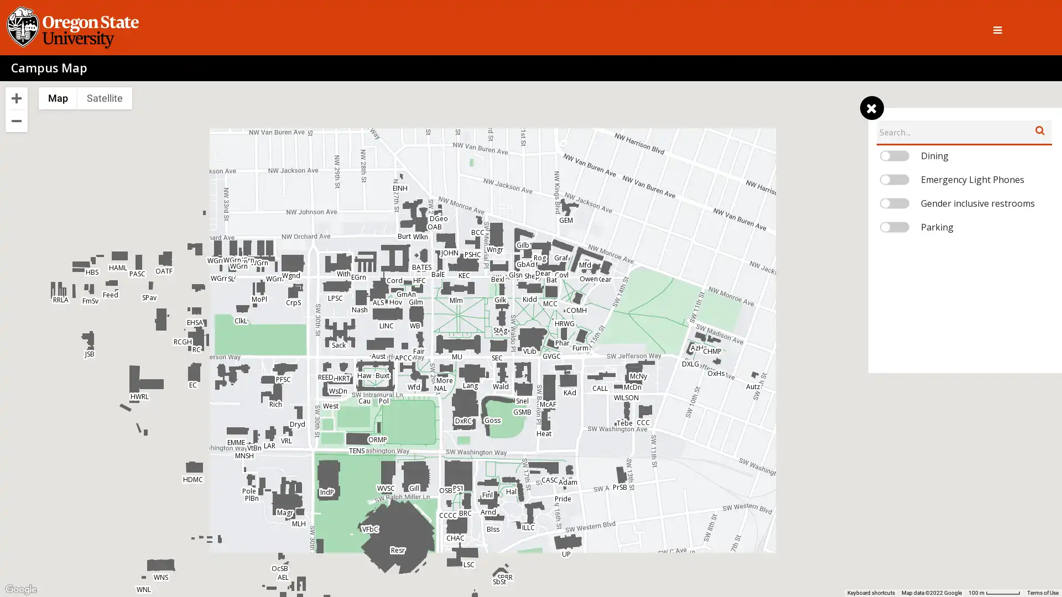 This screenshot has width=1062, height=597. I want to click on Clear search terms, so click(1039, 129).